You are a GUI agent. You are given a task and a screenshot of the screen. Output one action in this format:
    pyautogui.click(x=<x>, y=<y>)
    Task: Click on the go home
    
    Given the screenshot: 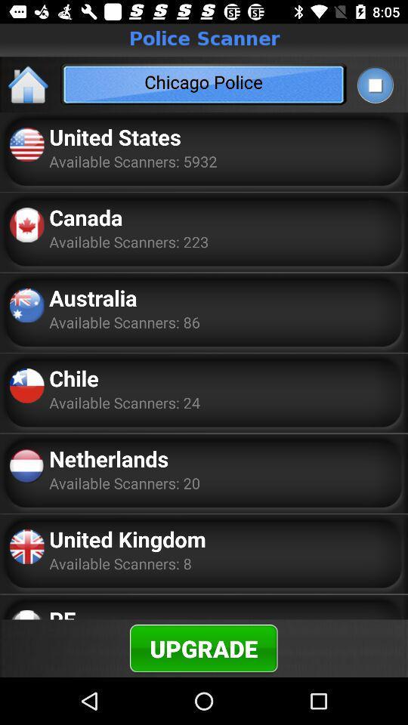 What is the action you would take?
    pyautogui.click(x=29, y=84)
    